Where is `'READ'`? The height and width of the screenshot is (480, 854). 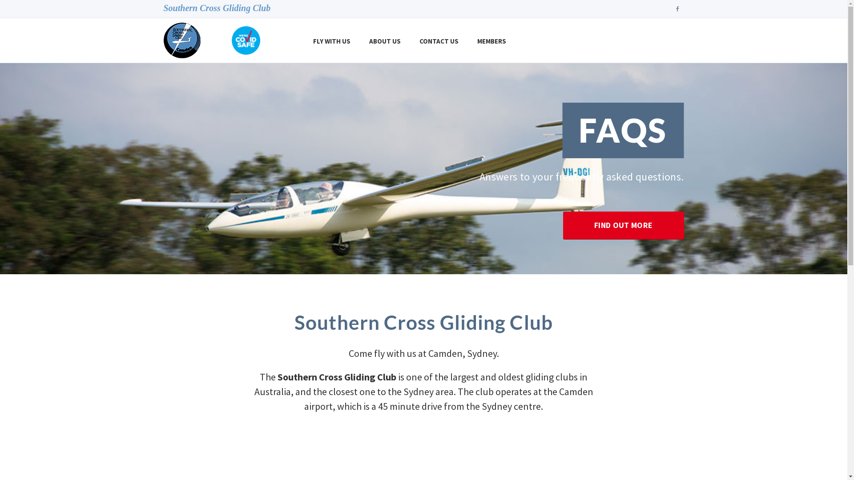 'READ' is located at coordinates (423, 205).